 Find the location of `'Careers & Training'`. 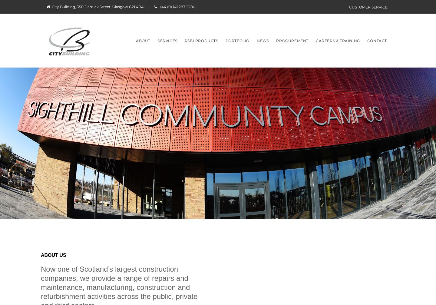

'Careers & Training' is located at coordinates (337, 40).